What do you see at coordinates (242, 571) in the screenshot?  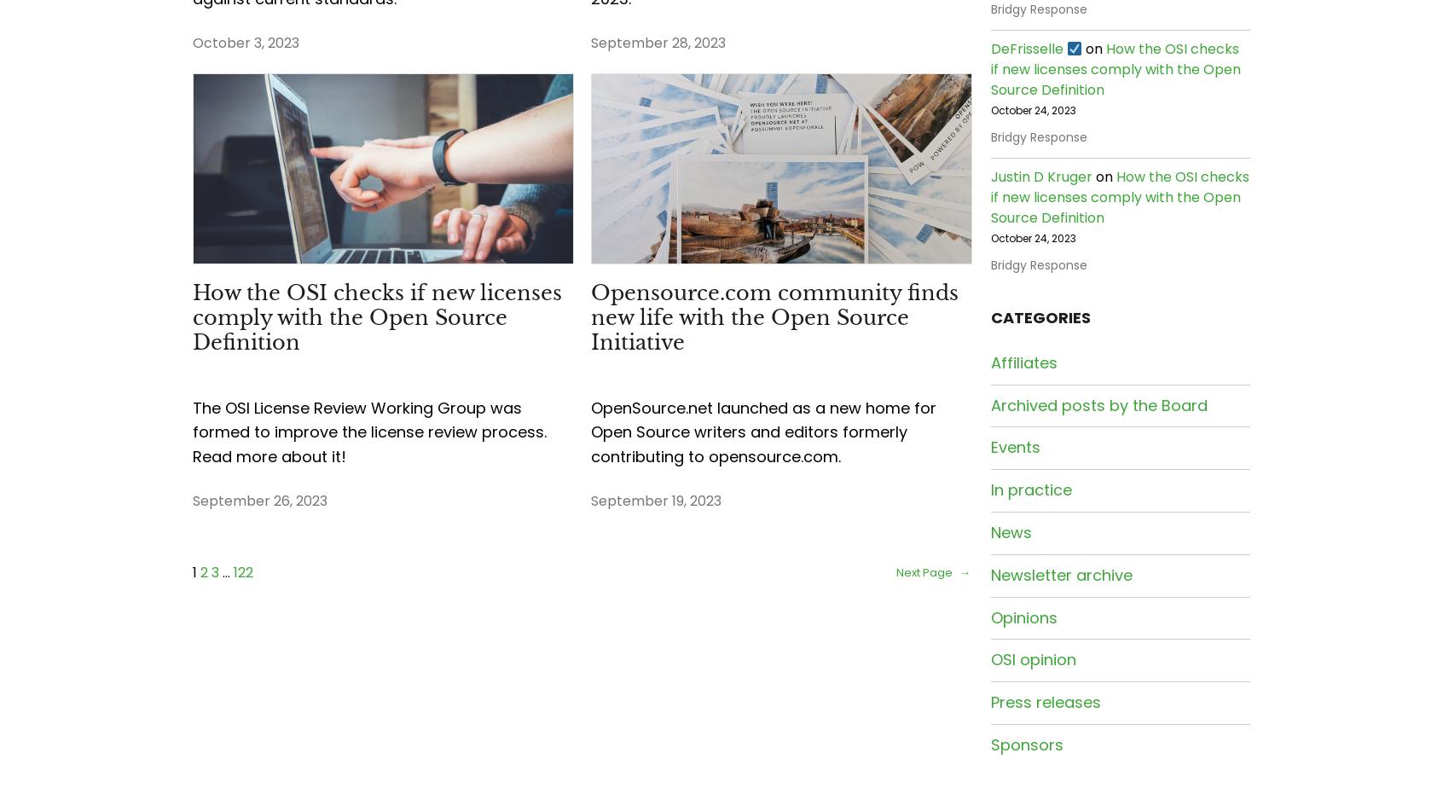 I see `'122'` at bounding box center [242, 571].